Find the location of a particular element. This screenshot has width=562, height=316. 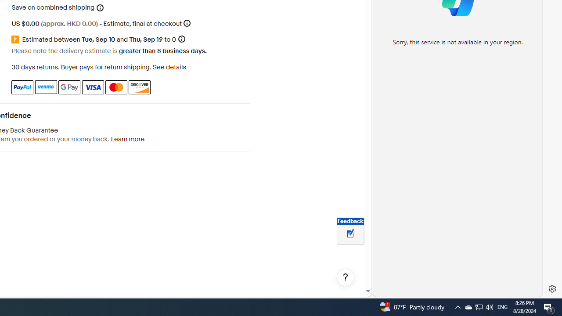

'Visa' is located at coordinates (93, 87).